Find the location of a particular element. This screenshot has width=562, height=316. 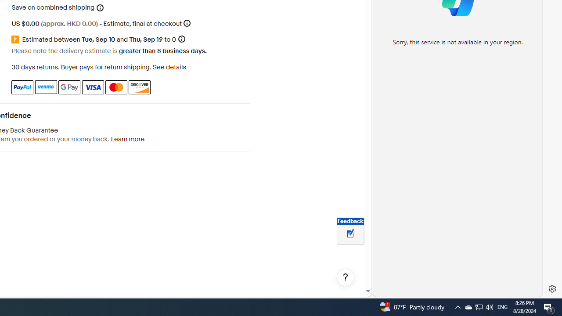

'Visa' is located at coordinates (93, 87).